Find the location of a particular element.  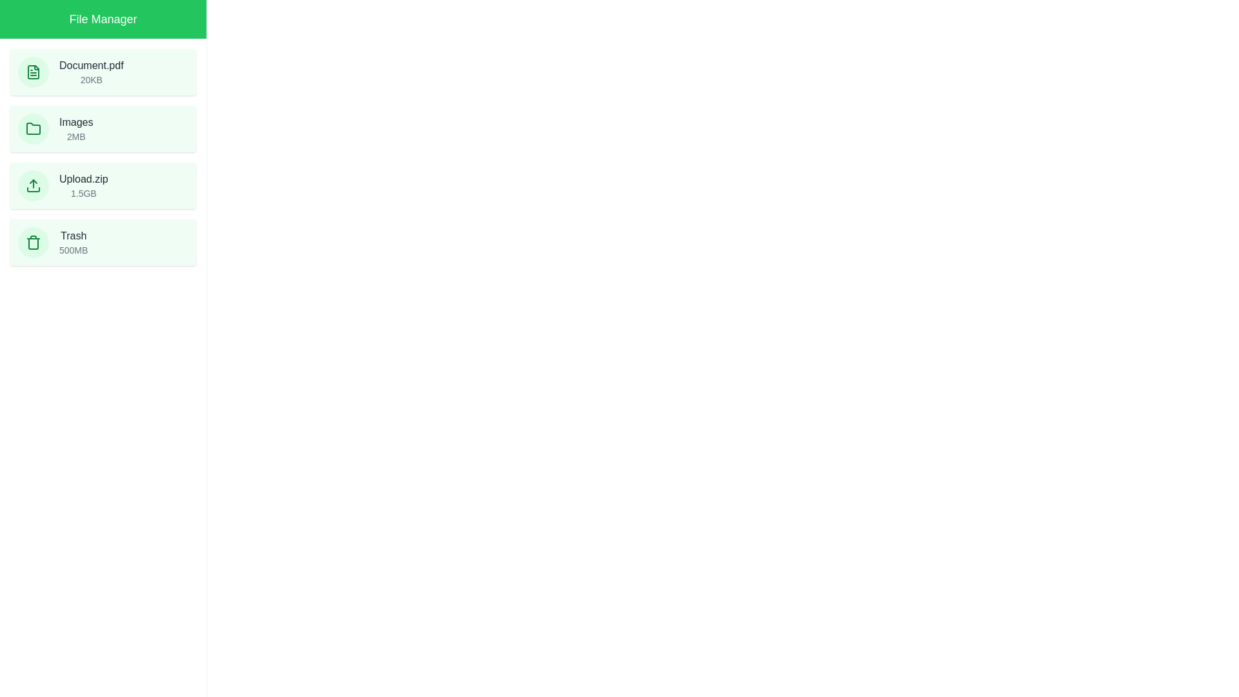

the file or folder item identified by its name Images is located at coordinates (102, 129).